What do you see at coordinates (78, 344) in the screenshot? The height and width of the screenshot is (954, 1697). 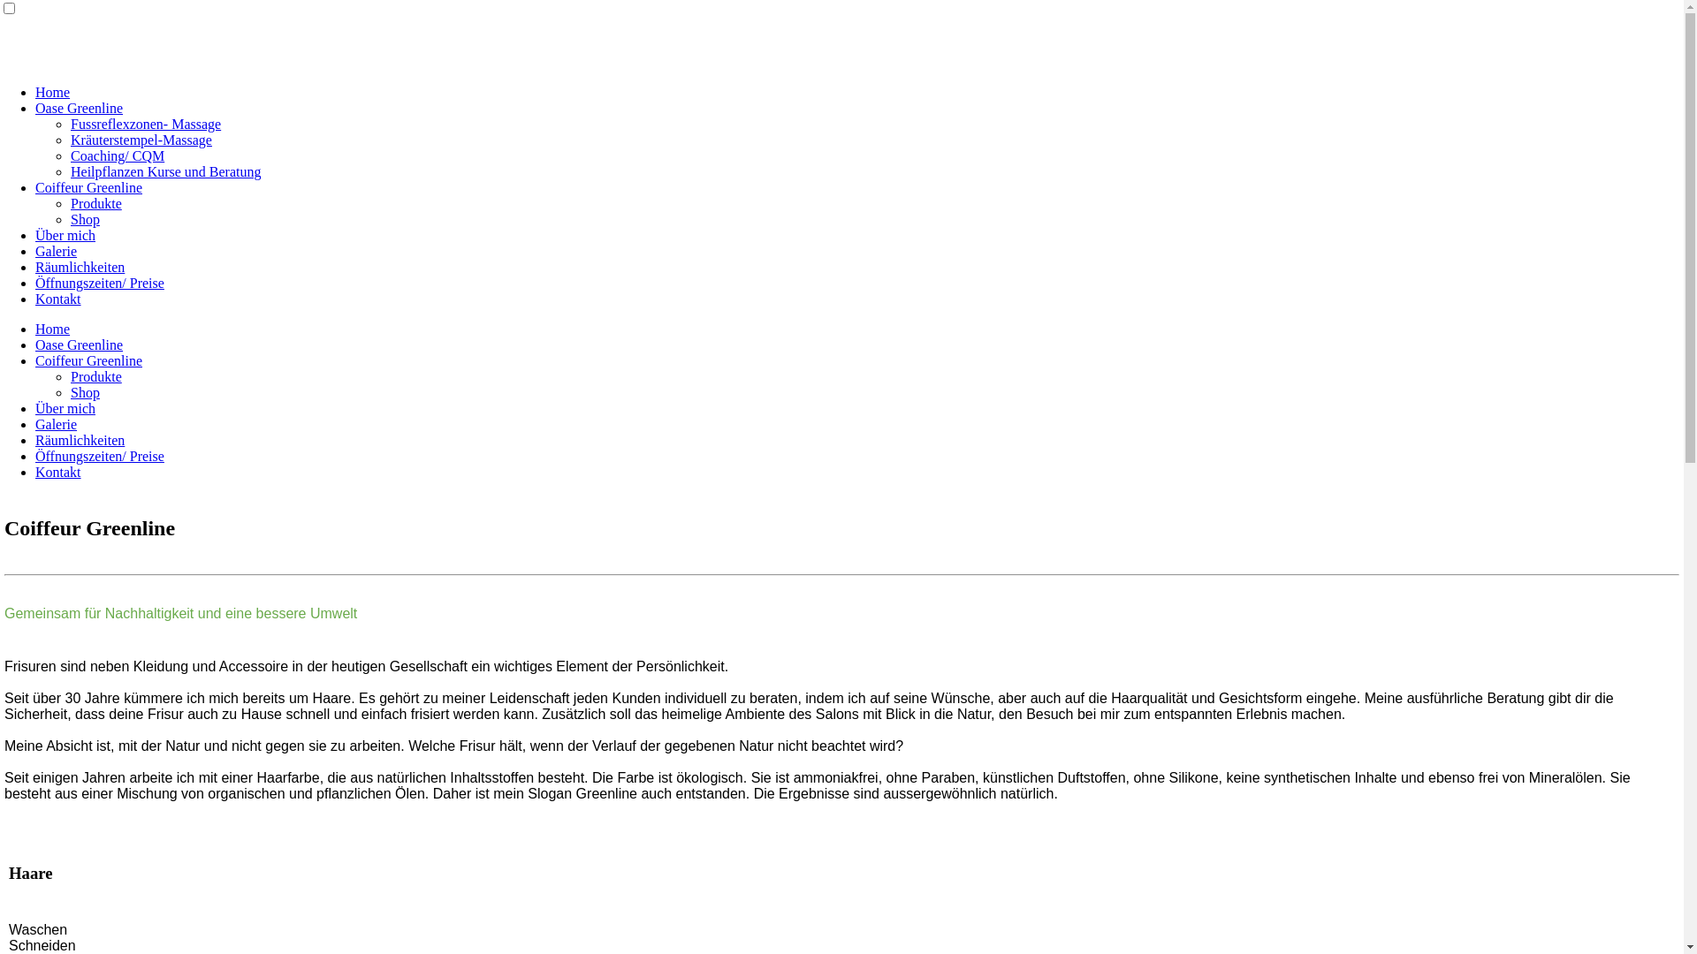 I see `'Oase Greenline'` at bounding box center [78, 344].